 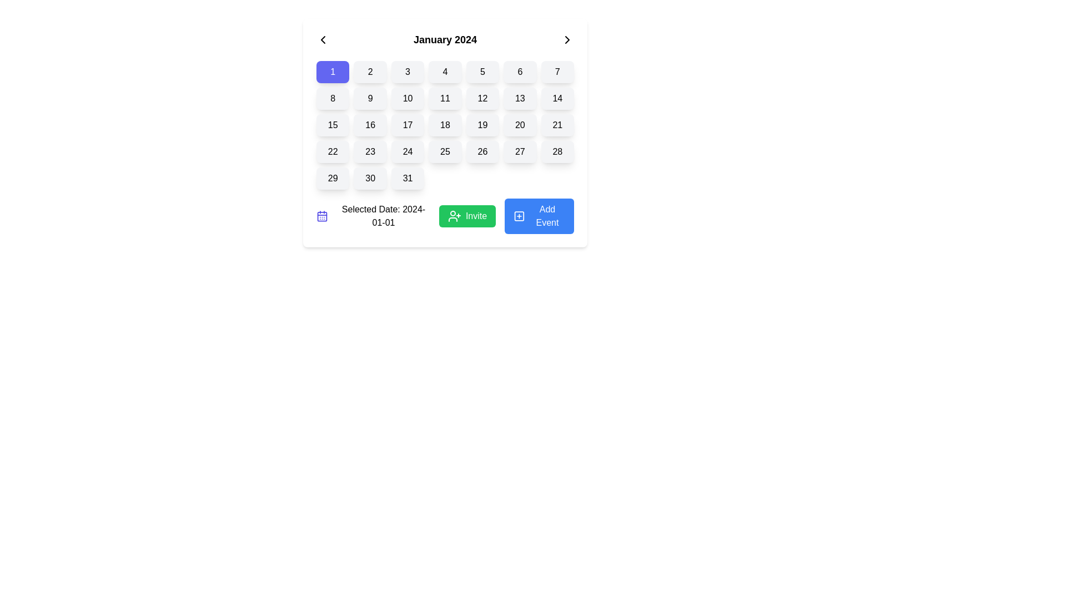 What do you see at coordinates (384, 216) in the screenshot?
I see `the text label that displays the currently selected date in the calendar interface, positioned under the calendar grid and between the calendar icon and the 'Invite' button` at bounding box center [384, 216].